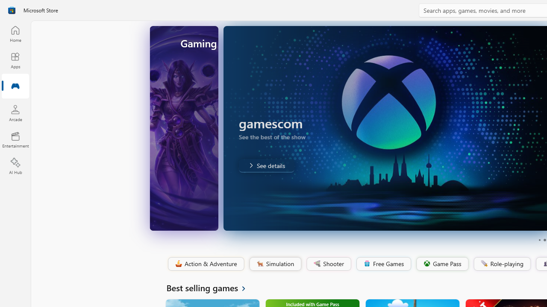 Image resolution: width=547 pixels, height=307 pixels. What do you see at coordinates (15, 33) in the screenshot?
I see `'Home'` at bounding box center [15, 33].